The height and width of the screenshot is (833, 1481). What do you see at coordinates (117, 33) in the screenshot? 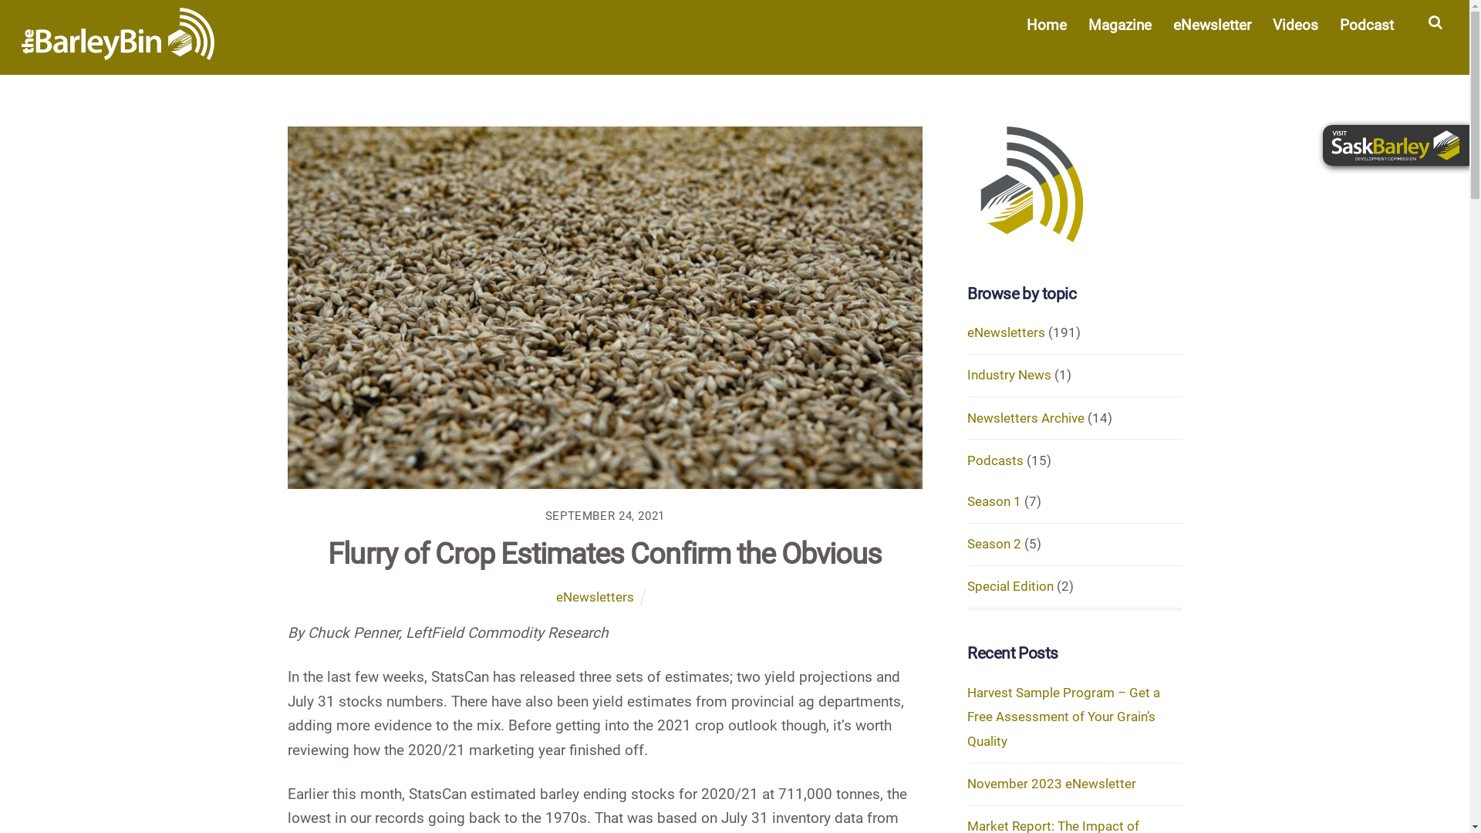
I see `'The Barley Bin'` at bounding box center [117, 33].